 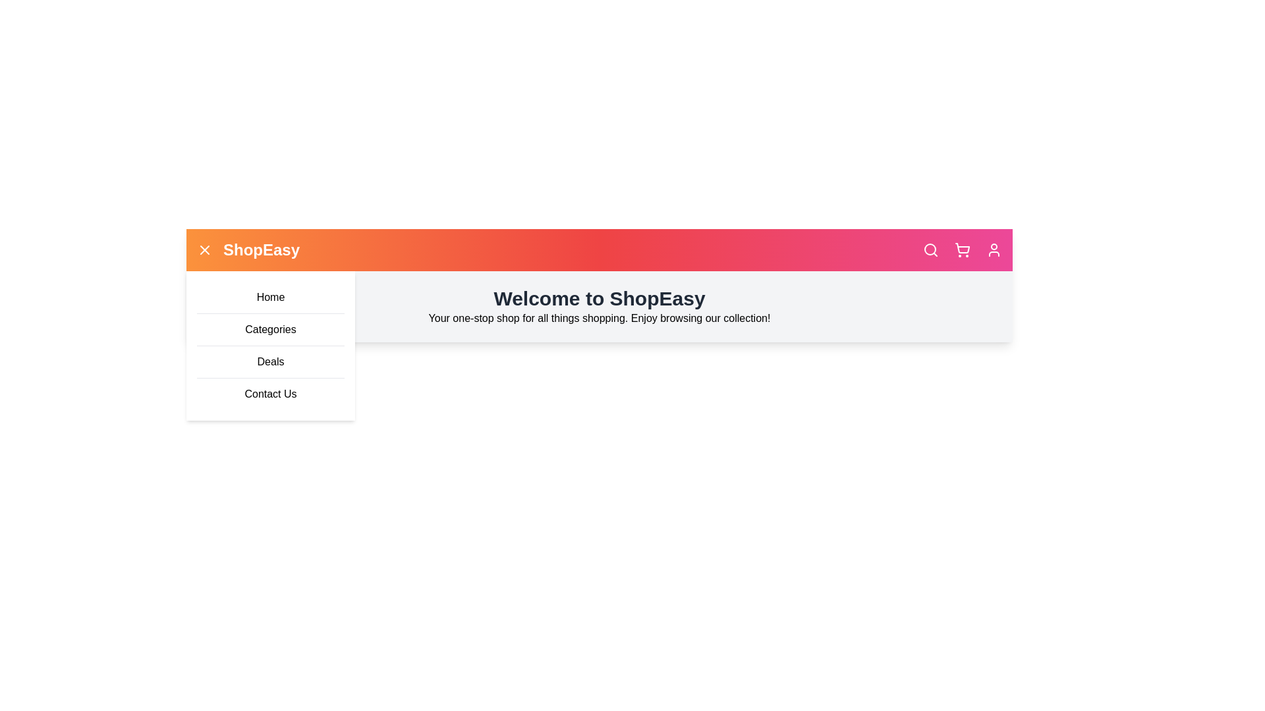 I want to click on the rightmost icon button in the header bar, so click(x=994, y=250).